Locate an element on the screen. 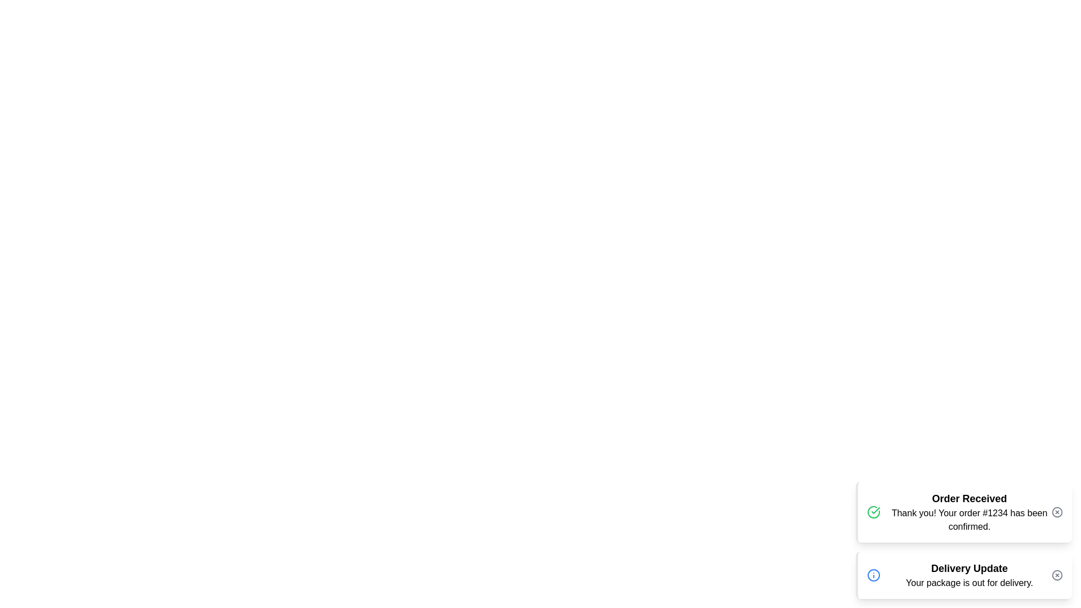 Image resolution: width=1081 pixels, height=608 pixels. the notification titled 'Order Received' to observe visual feedback is located at coordinates (963, 512).